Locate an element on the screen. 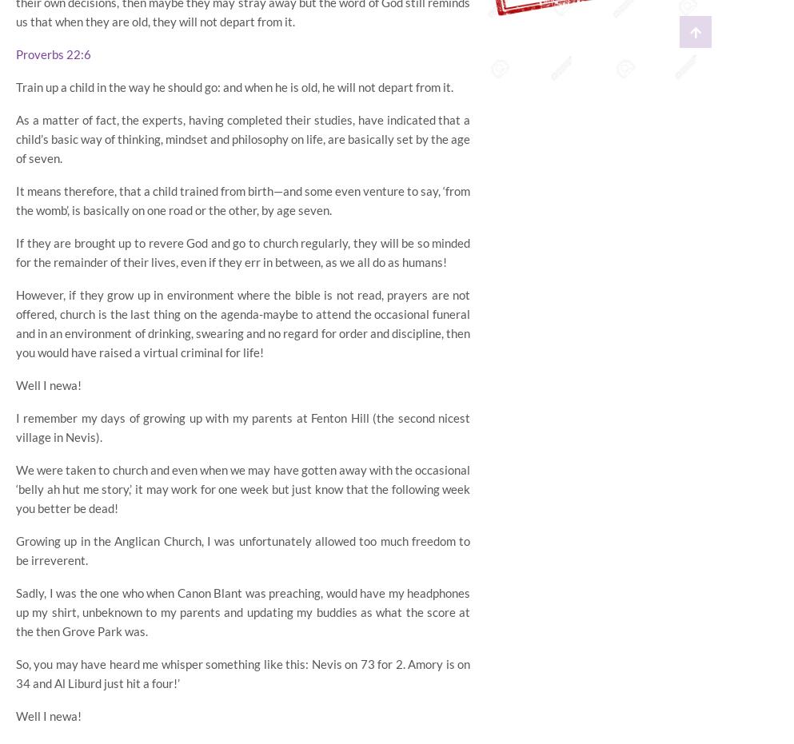 This screenshot has width=794, height=744. 'Growing up in the Anglican Church, I was unfortunately allowed too much freedom to be irreverent.' is located at coordinates (14, 549).